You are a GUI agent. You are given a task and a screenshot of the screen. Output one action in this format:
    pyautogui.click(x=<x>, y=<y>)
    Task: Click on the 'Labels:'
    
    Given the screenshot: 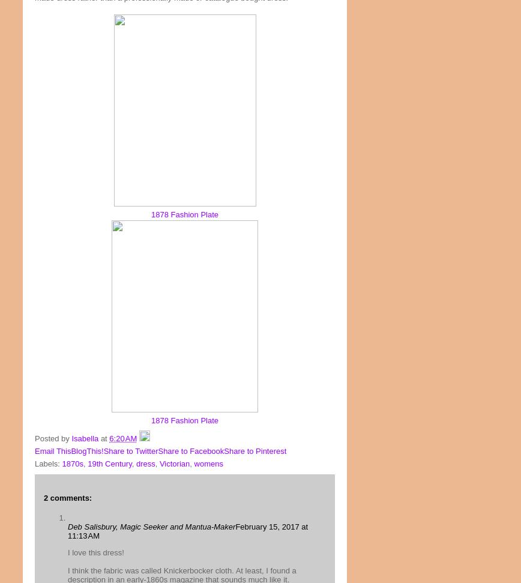 What is the action you would take?
    pyautogui.click(x=48, y=463)
    